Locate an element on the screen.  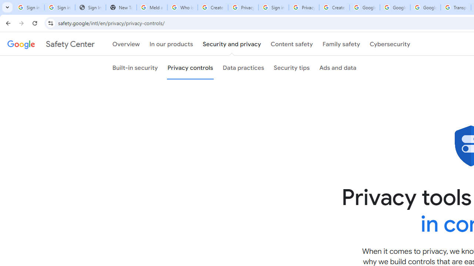
'Ads and data' is located at coordinates (337, 68).